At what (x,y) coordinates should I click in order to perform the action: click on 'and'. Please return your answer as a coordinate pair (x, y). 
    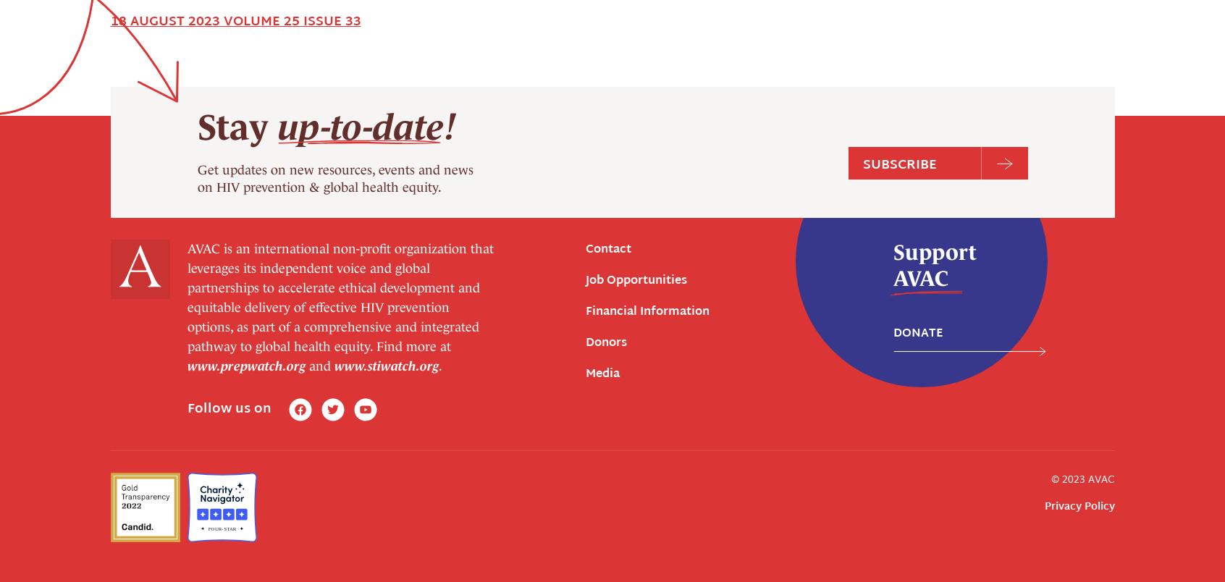
    Looking at the image, I should click on (304, 104).